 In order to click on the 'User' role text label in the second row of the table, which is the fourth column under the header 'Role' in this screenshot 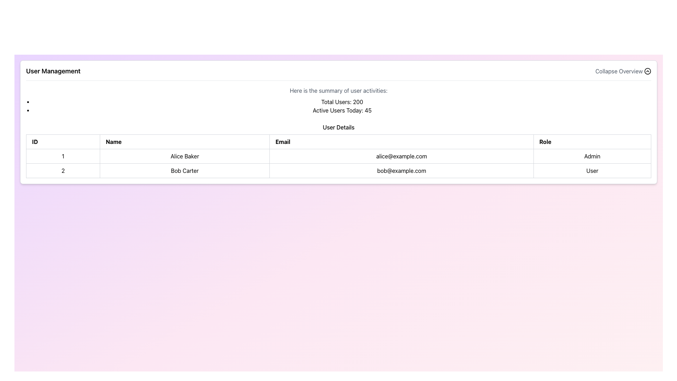, I will do `click(592, 170)`.